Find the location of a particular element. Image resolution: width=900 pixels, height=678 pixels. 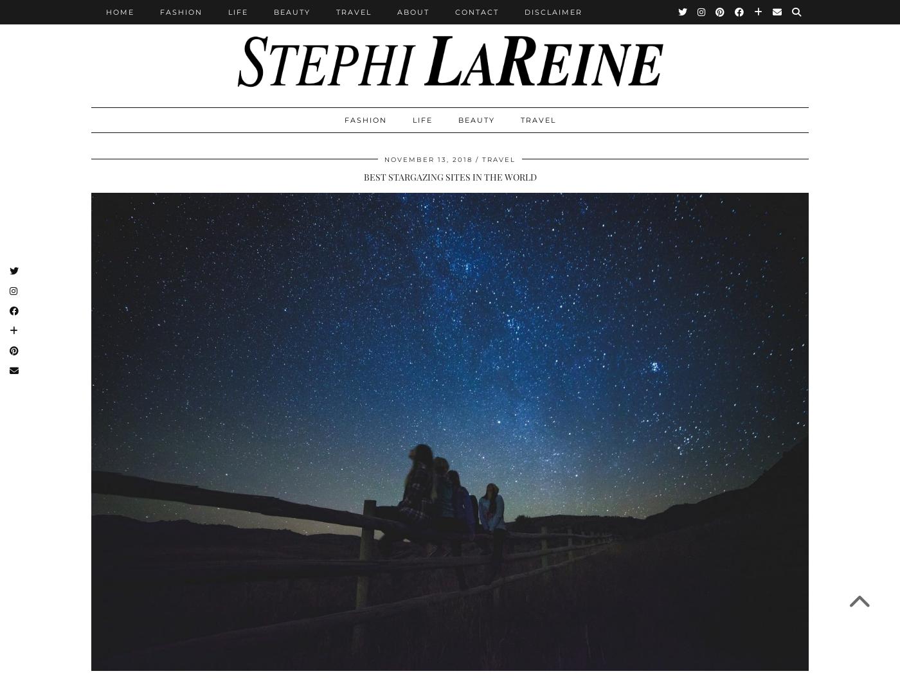

'BEST STARGAZING SITES IN THE WORLD' is located at coordinates (449, 176).